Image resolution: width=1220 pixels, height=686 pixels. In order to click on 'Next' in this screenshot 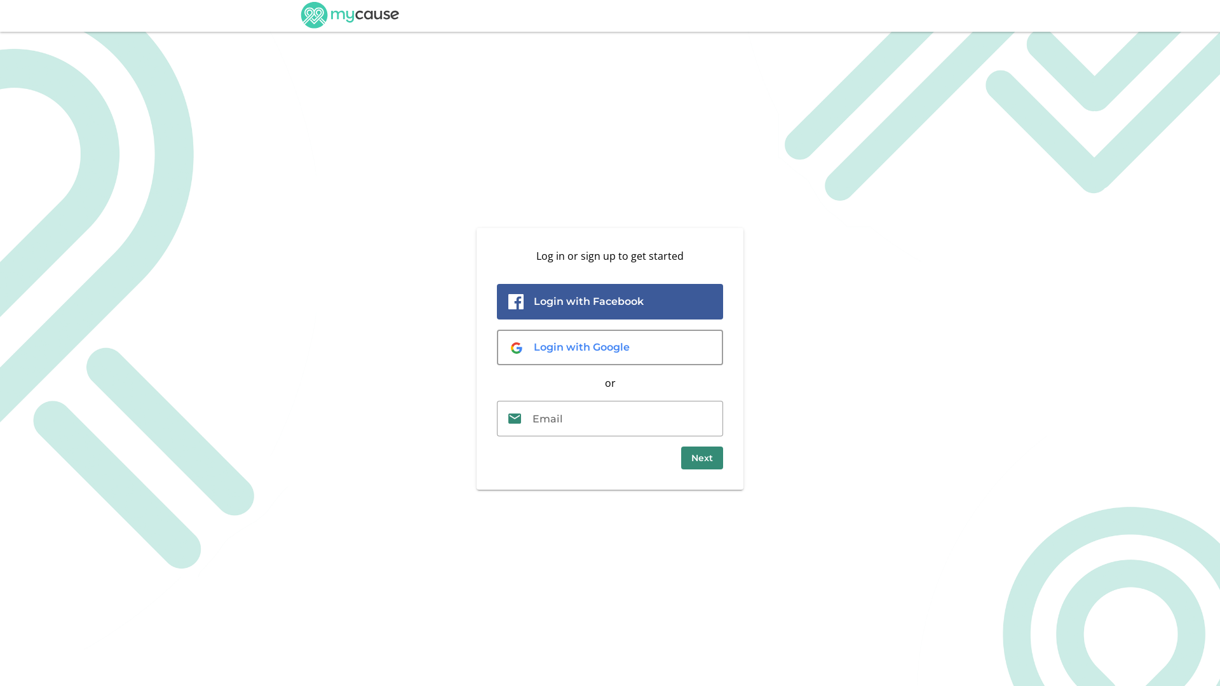, I will do `click(701, 458)`.